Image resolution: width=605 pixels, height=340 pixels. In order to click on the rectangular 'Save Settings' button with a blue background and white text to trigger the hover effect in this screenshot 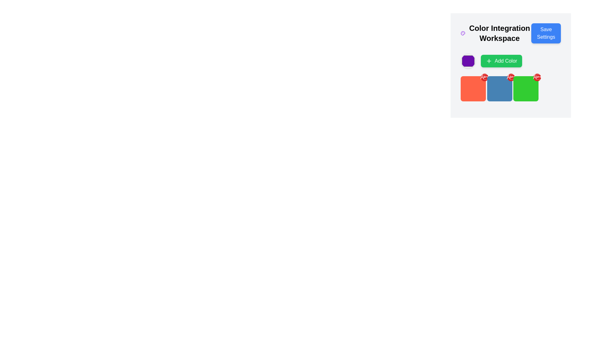, I will do `click(546, 33)`.